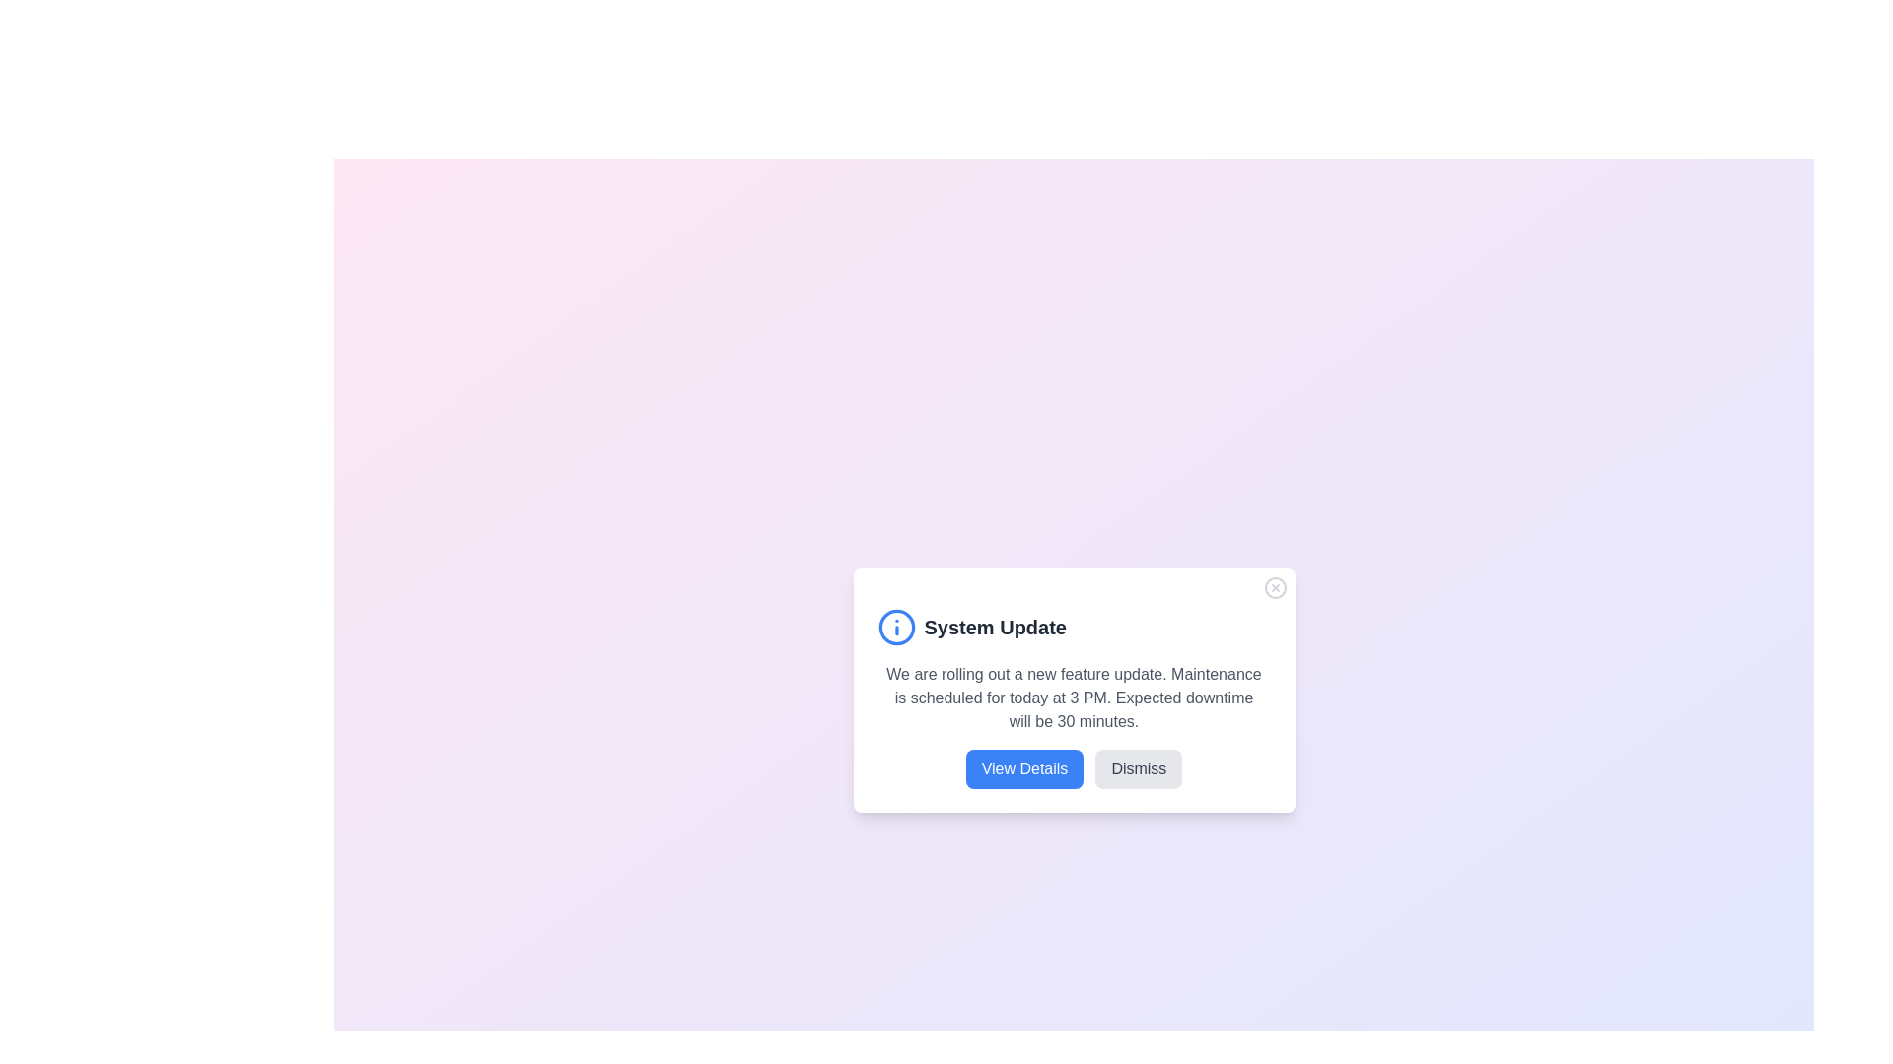 The height and width of the screenshot is (1064, 1893). I want to click on the circular SVG graphic with a blue outline, part of the information icon located to the left of the 'System Update' title within the notification dialog box, so click(895, 627).